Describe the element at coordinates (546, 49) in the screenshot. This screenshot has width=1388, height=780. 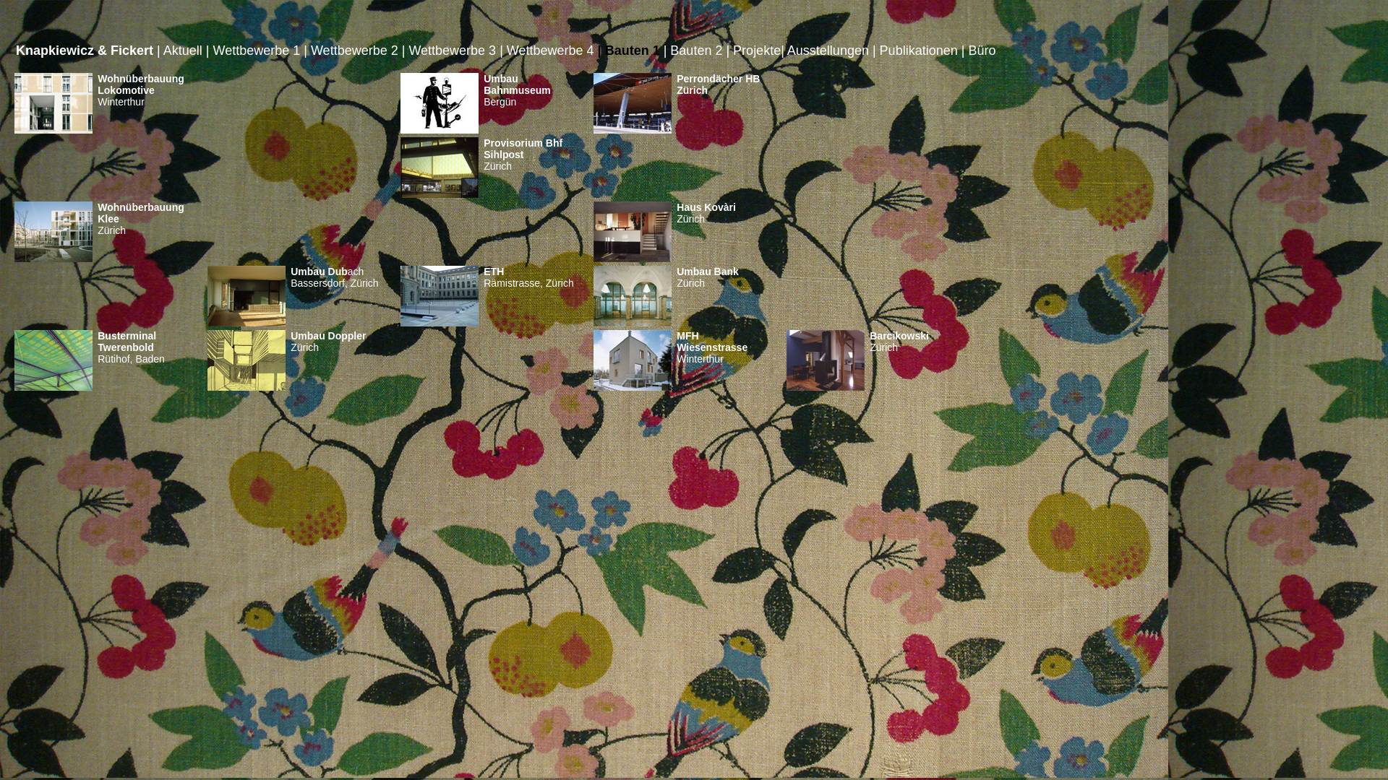
I see `'| Wettbewerbe 4'` at that location.